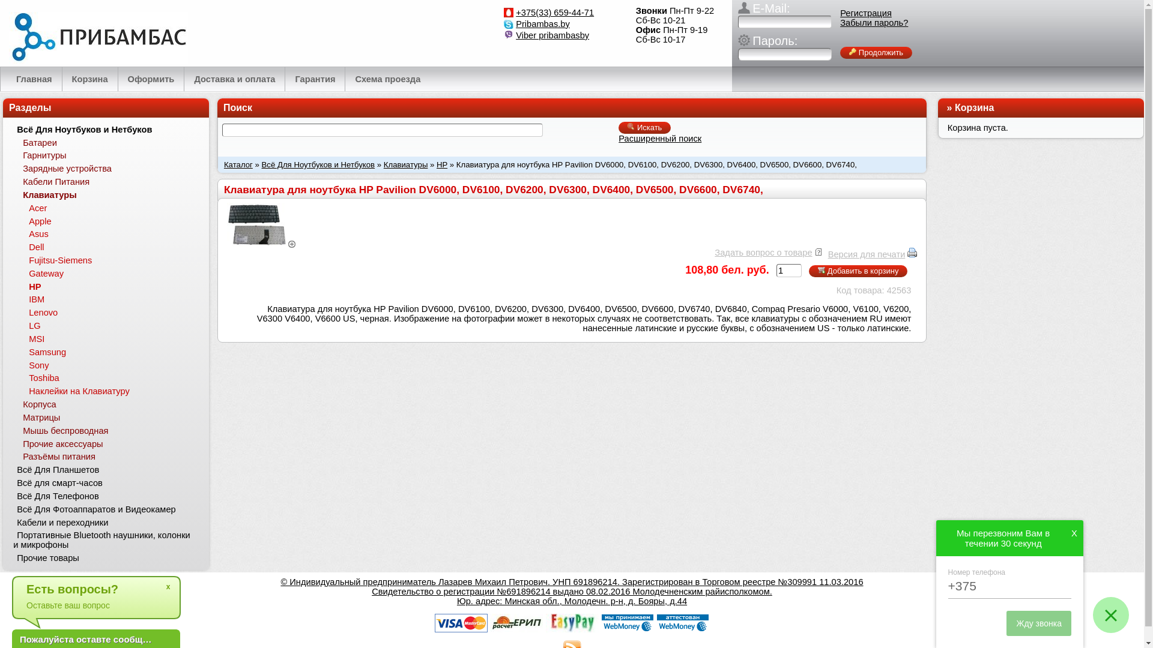 This screenshot has width=1153, height=648. Describe the element at coordinates (542, 23) in the screenshot. I see `'Pribambas.by'` at that location.